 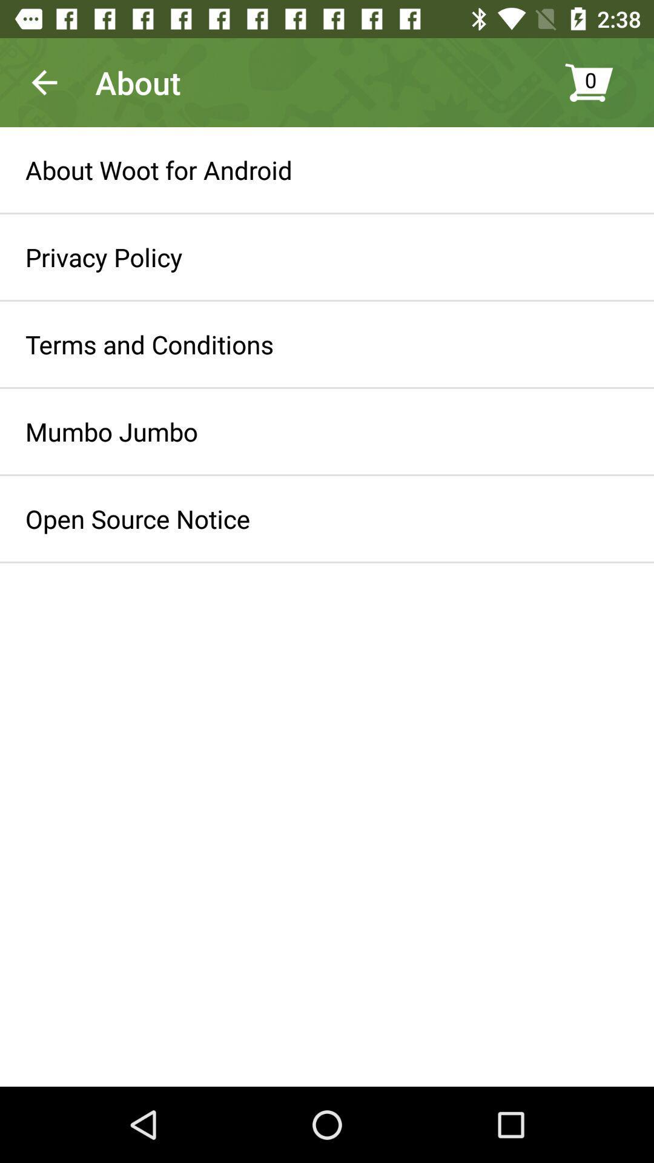 I want to click on icon above the privacy policy item, so click(x=158, y=169).